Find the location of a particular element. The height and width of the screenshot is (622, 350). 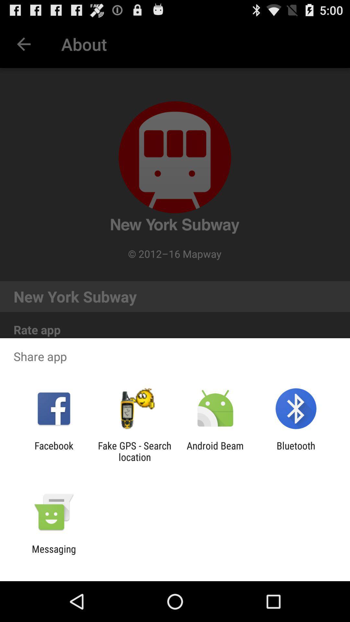

item next to the fake gps search is located at coordinates (215, 451).